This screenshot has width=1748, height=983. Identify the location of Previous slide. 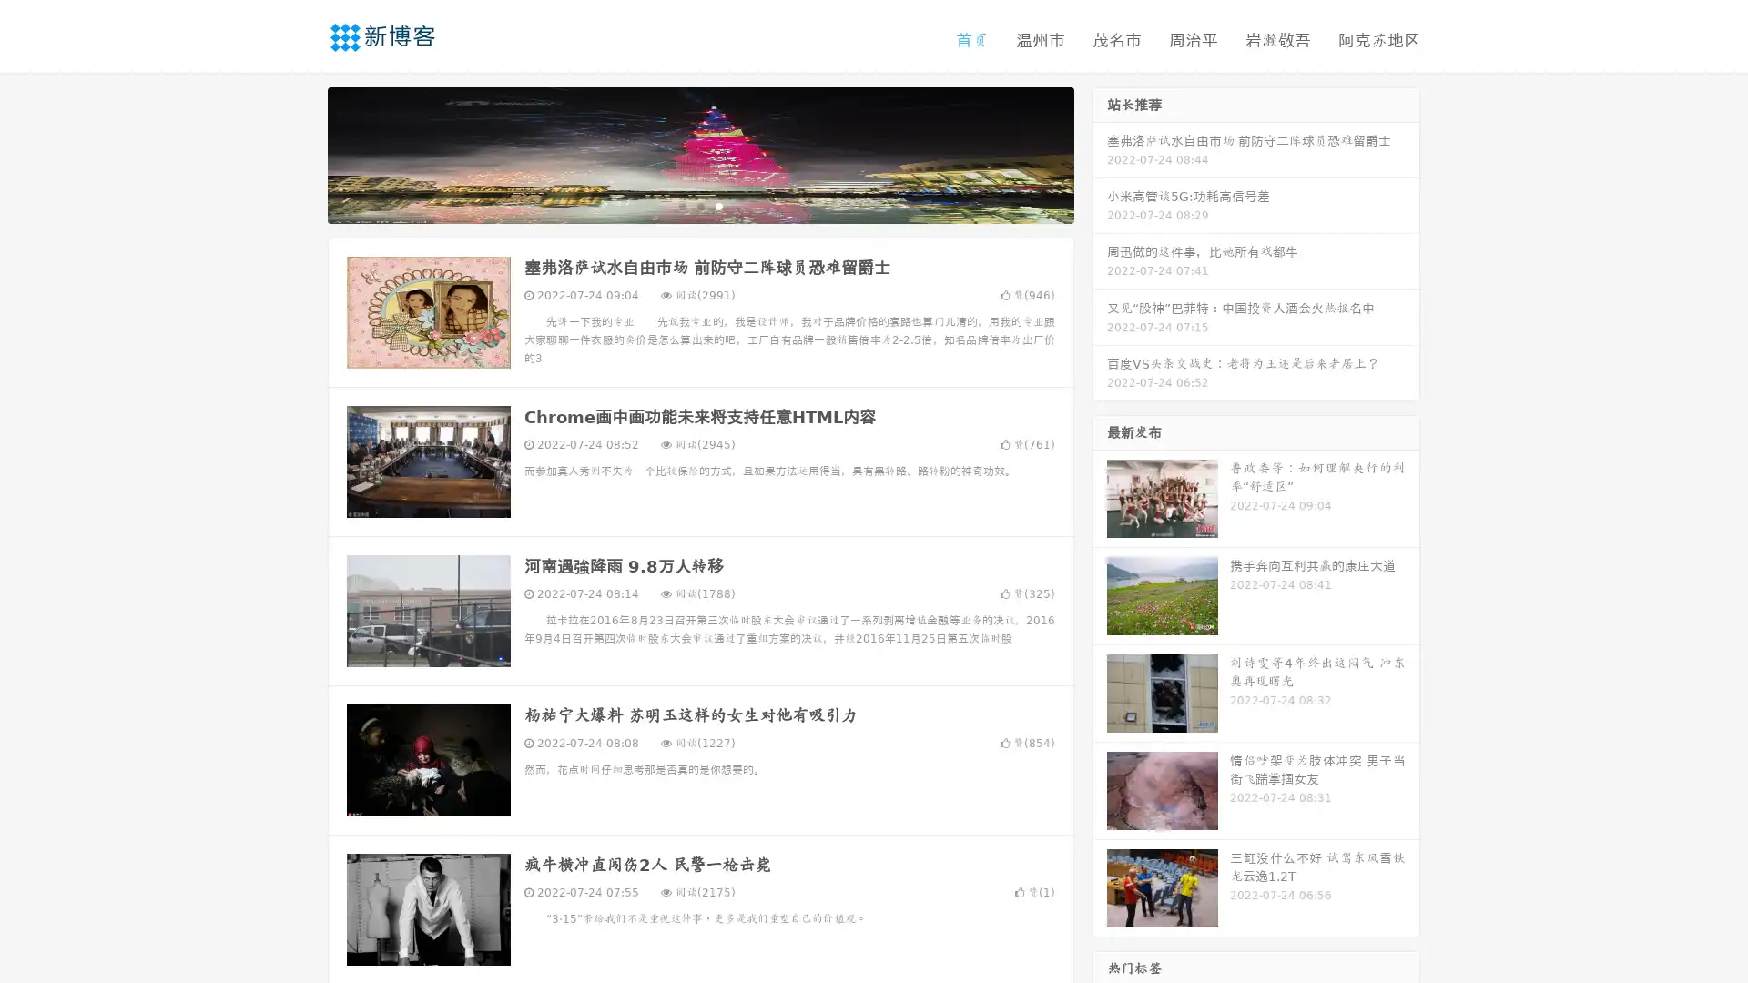
(300, 153).